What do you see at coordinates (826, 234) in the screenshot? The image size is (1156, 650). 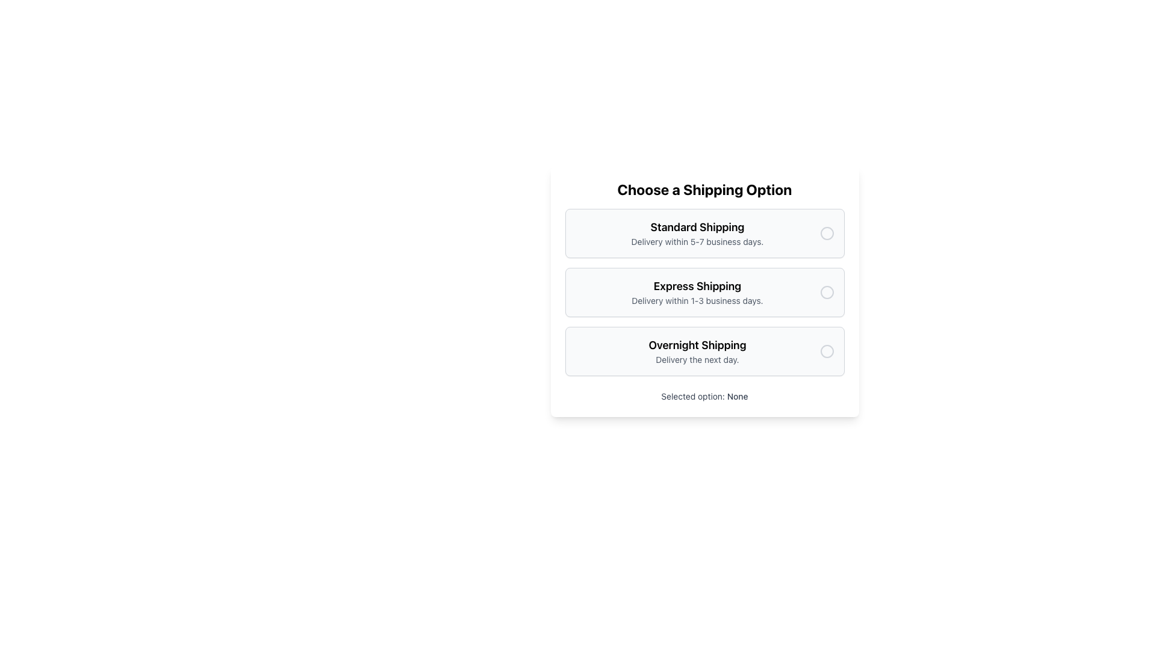 I see `the selectable radio button styled as a circle` at bounding box center [826, 234].